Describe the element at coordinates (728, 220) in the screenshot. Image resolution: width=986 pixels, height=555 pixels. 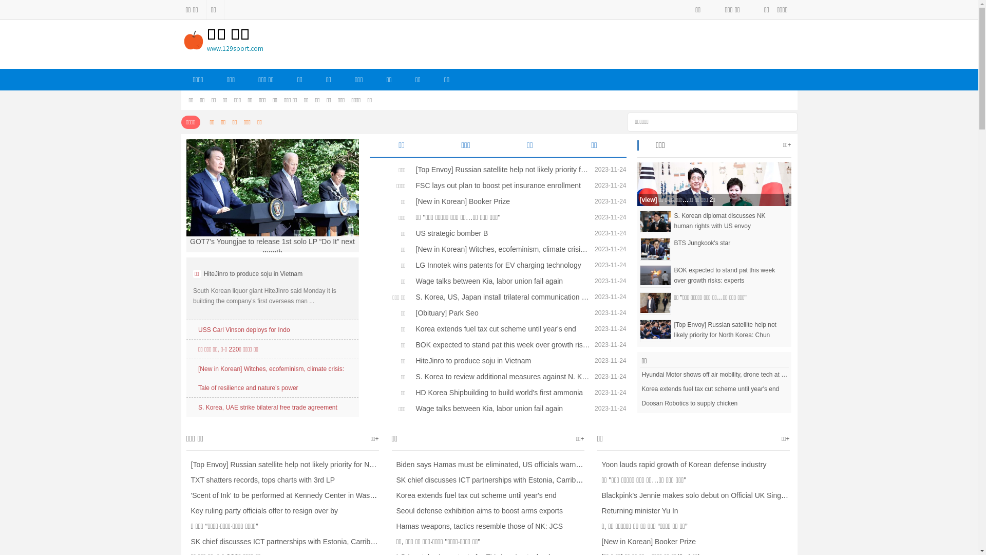
I see `'S. Korean diplomat discusses NK human rights with US envoy'` at that location.